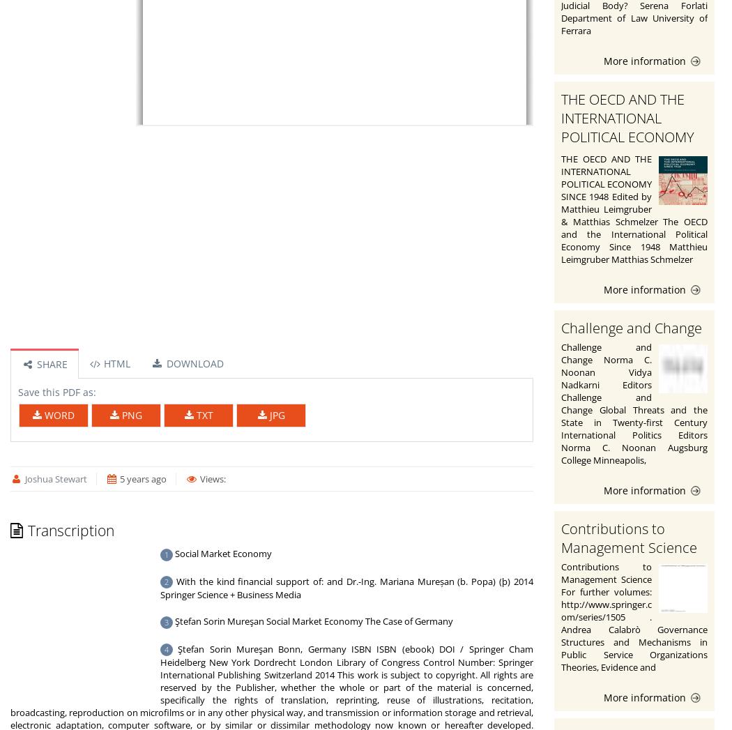  What do you see at coordinates (165, 621) in the screenshot?
I see `'3'` at bounding box center [165, 621].